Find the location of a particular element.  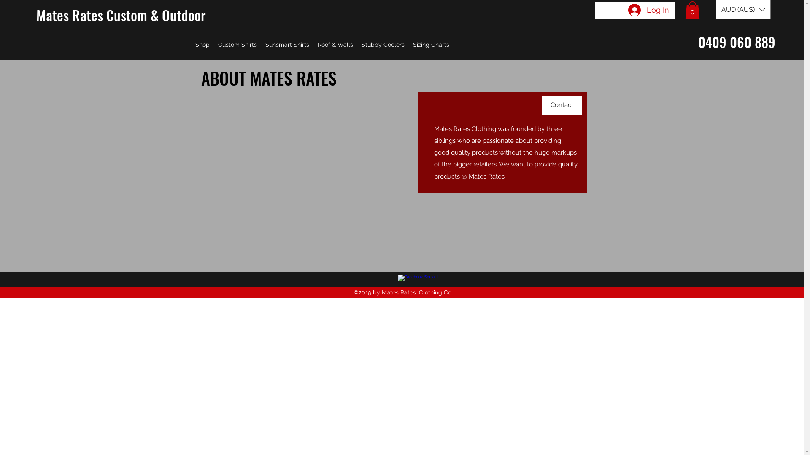

'Stubby Coolers' is located at coordinates (382, 44).